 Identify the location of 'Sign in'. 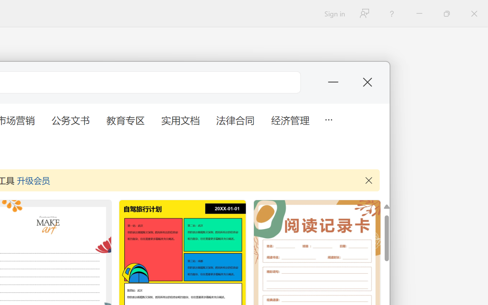
(334, 13).